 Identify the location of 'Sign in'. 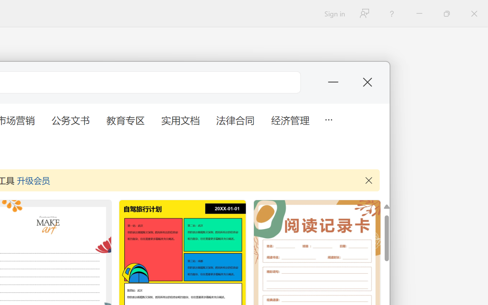
(334, 13).